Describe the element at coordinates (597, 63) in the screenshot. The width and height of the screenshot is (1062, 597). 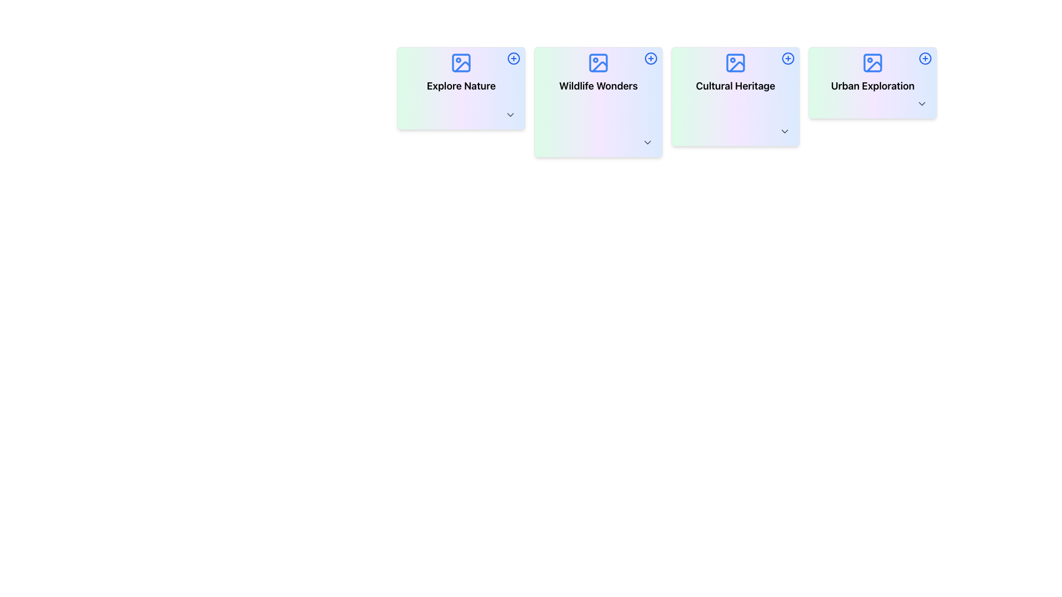
I see `the Decorative background element of the icon representing a picture or image, located in the second card above the text 'Wildlife Wonders'` at that location.